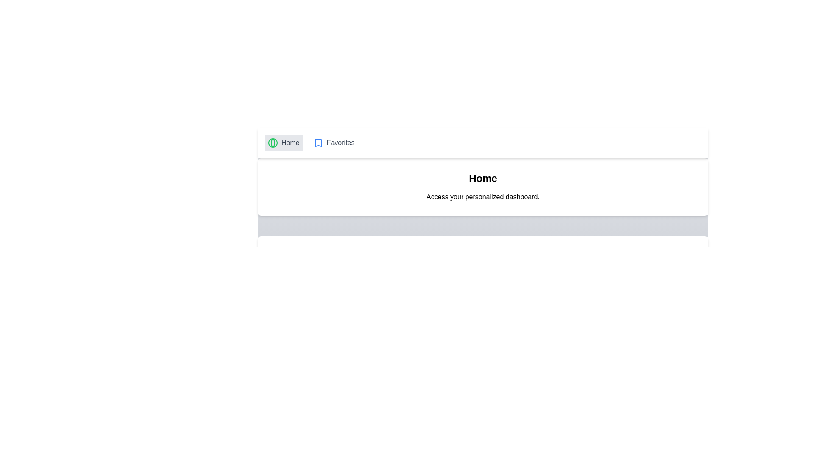 The image size is (814, 457). What do you see at coordinates (318, 143) in the screenshot?
I see `the triangular bookmark icon with a blue outline located in the top navigation bar, adjacent to the 'Favorites' label and 'Home' icon` at bounding box center [318, 143].